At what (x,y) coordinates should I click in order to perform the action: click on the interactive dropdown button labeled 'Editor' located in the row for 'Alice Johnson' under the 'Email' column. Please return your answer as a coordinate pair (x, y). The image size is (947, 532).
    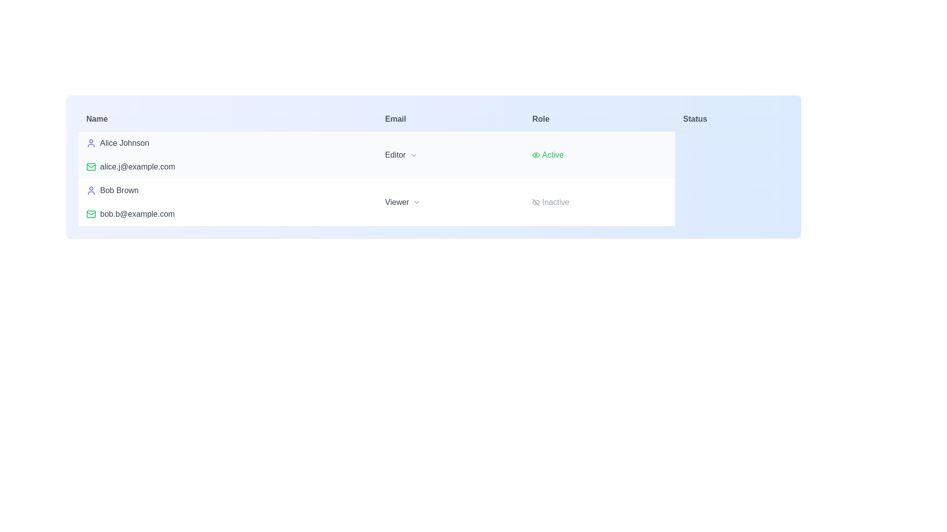
    Looking at the image, I should click on (450, 155).